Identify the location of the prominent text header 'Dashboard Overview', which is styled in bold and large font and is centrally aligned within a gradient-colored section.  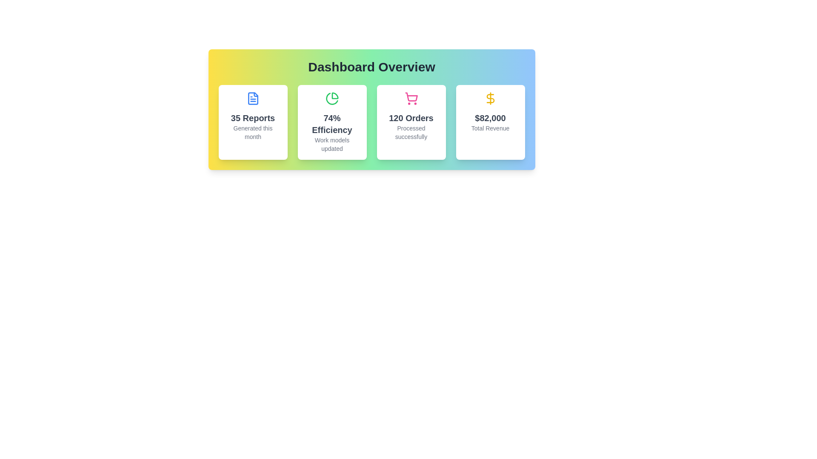
(371, 67).